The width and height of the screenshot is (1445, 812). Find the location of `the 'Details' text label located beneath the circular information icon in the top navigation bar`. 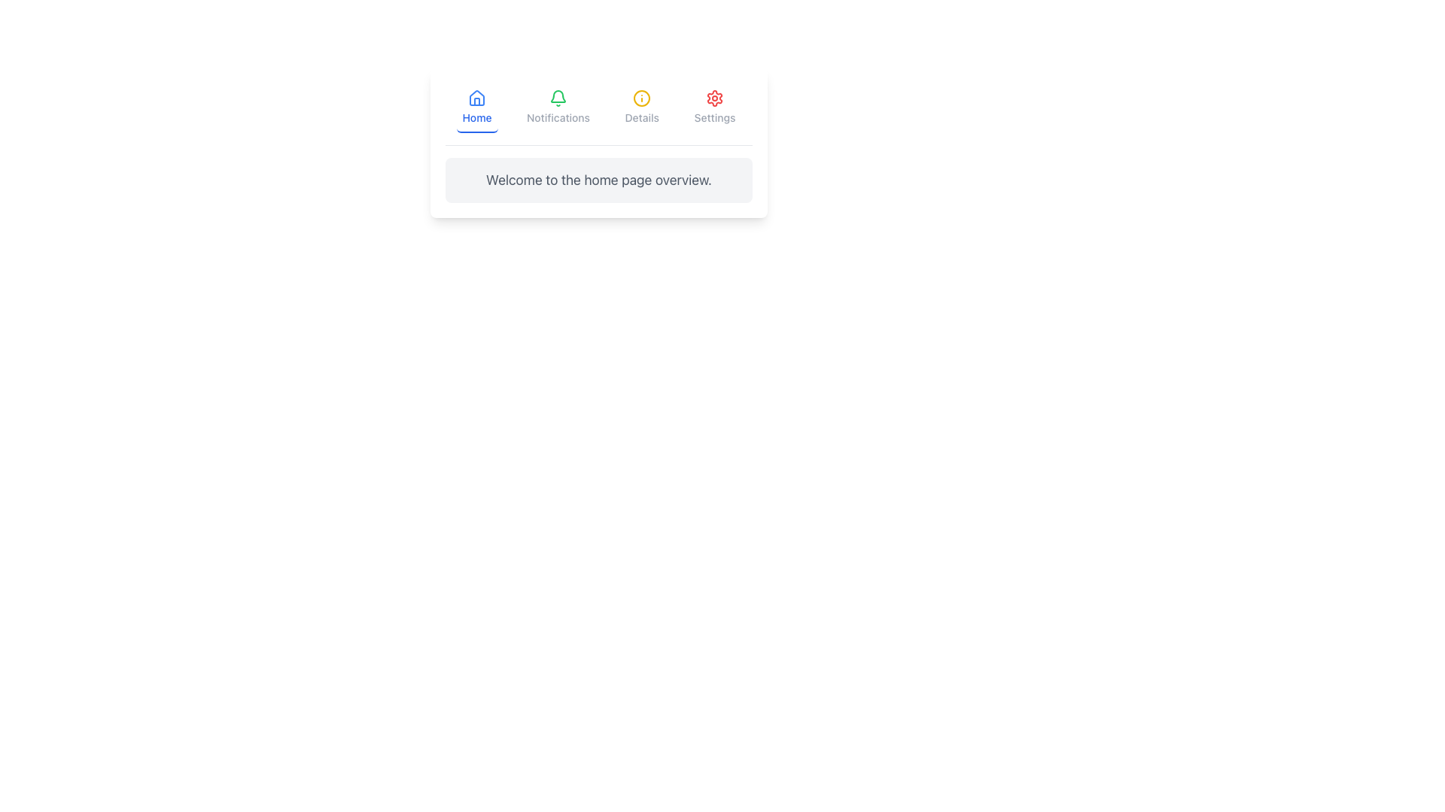

the 'Details' text label located beneath the circular information icon in the top navigation bar is located at coordinates (642, 117).